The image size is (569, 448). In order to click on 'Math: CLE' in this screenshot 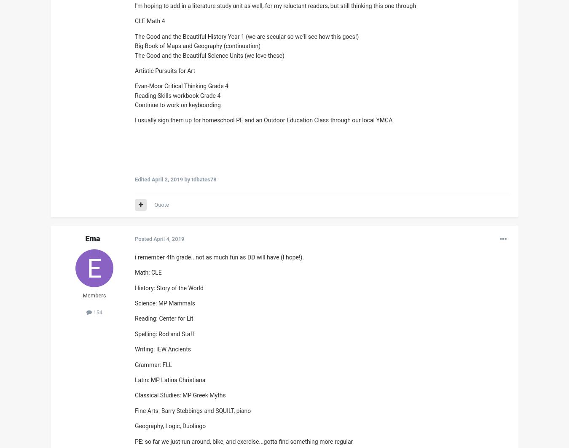, I will do `click(148, 273)`.